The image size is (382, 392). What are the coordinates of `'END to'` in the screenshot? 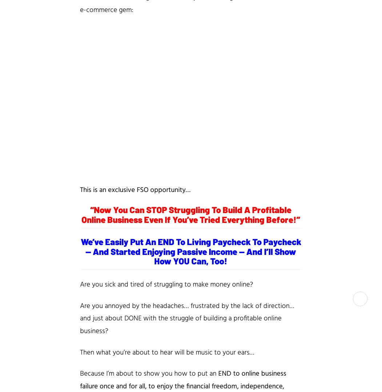 It's located at (230, 373).